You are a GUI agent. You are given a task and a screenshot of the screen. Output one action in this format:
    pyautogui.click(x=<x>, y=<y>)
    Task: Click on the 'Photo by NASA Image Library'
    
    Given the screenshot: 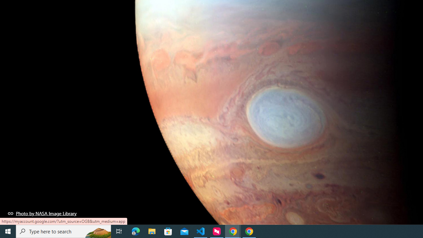 What is the action you would take?
    pyautogui.click(x=42, y=213)
    